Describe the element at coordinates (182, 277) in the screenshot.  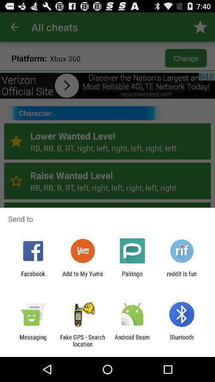
I see `the item to the right of the palringo icon` at that location.